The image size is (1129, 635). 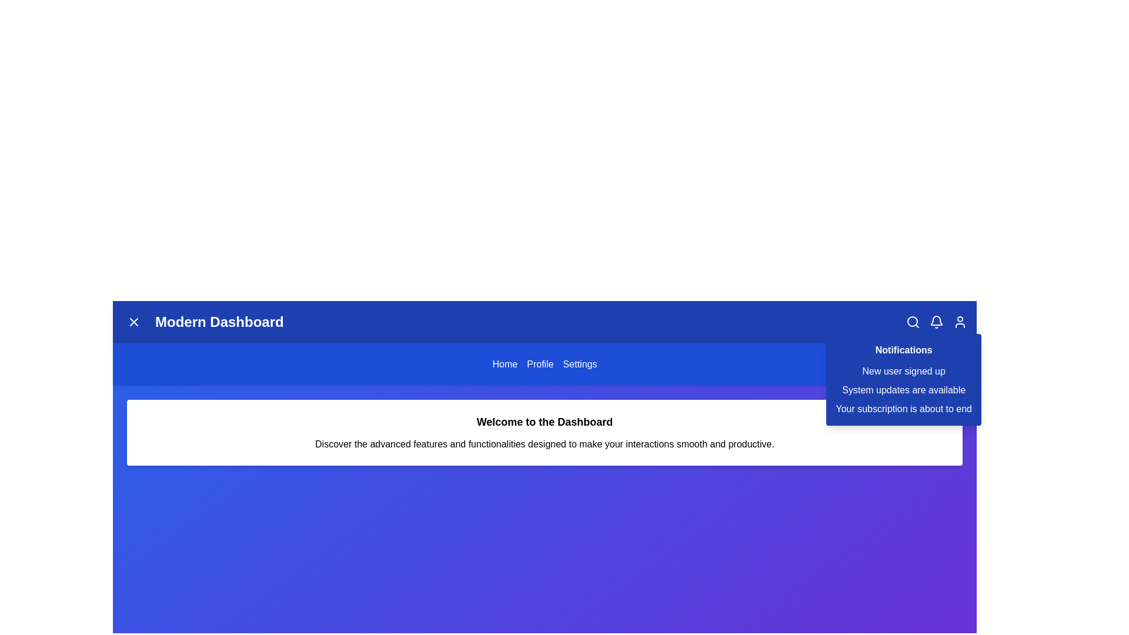 What do you see at coordinates (539, 364) in the screenshot?
I see `the 'Profile' button in the navigation bar` at bounding box center [539, 364].